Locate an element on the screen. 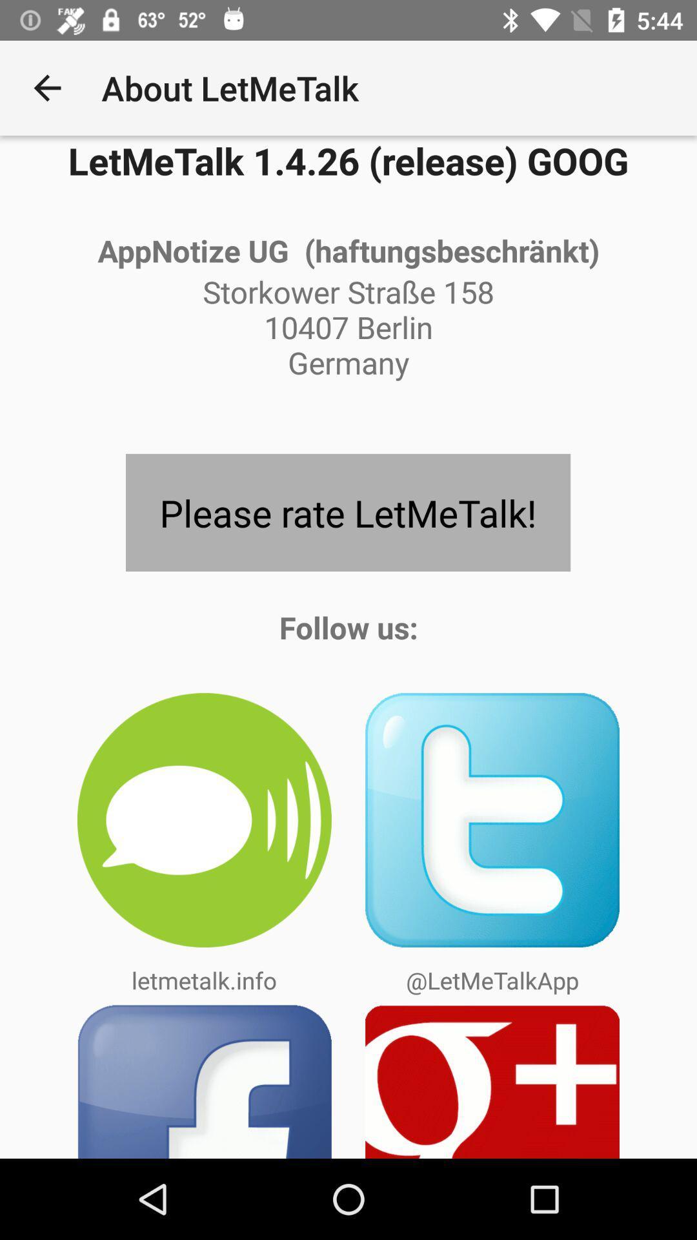 Image resolution: width=697 pixels, height=1240 pixels. the icon above the is located at coordinates (347, 512).